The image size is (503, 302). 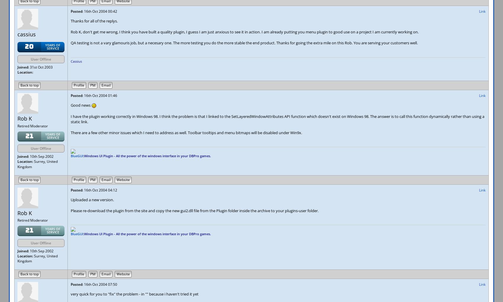 What do you see at coordinates (25, 46) in the screenshot?
I see `'20'` at bounding box center [25, 46].